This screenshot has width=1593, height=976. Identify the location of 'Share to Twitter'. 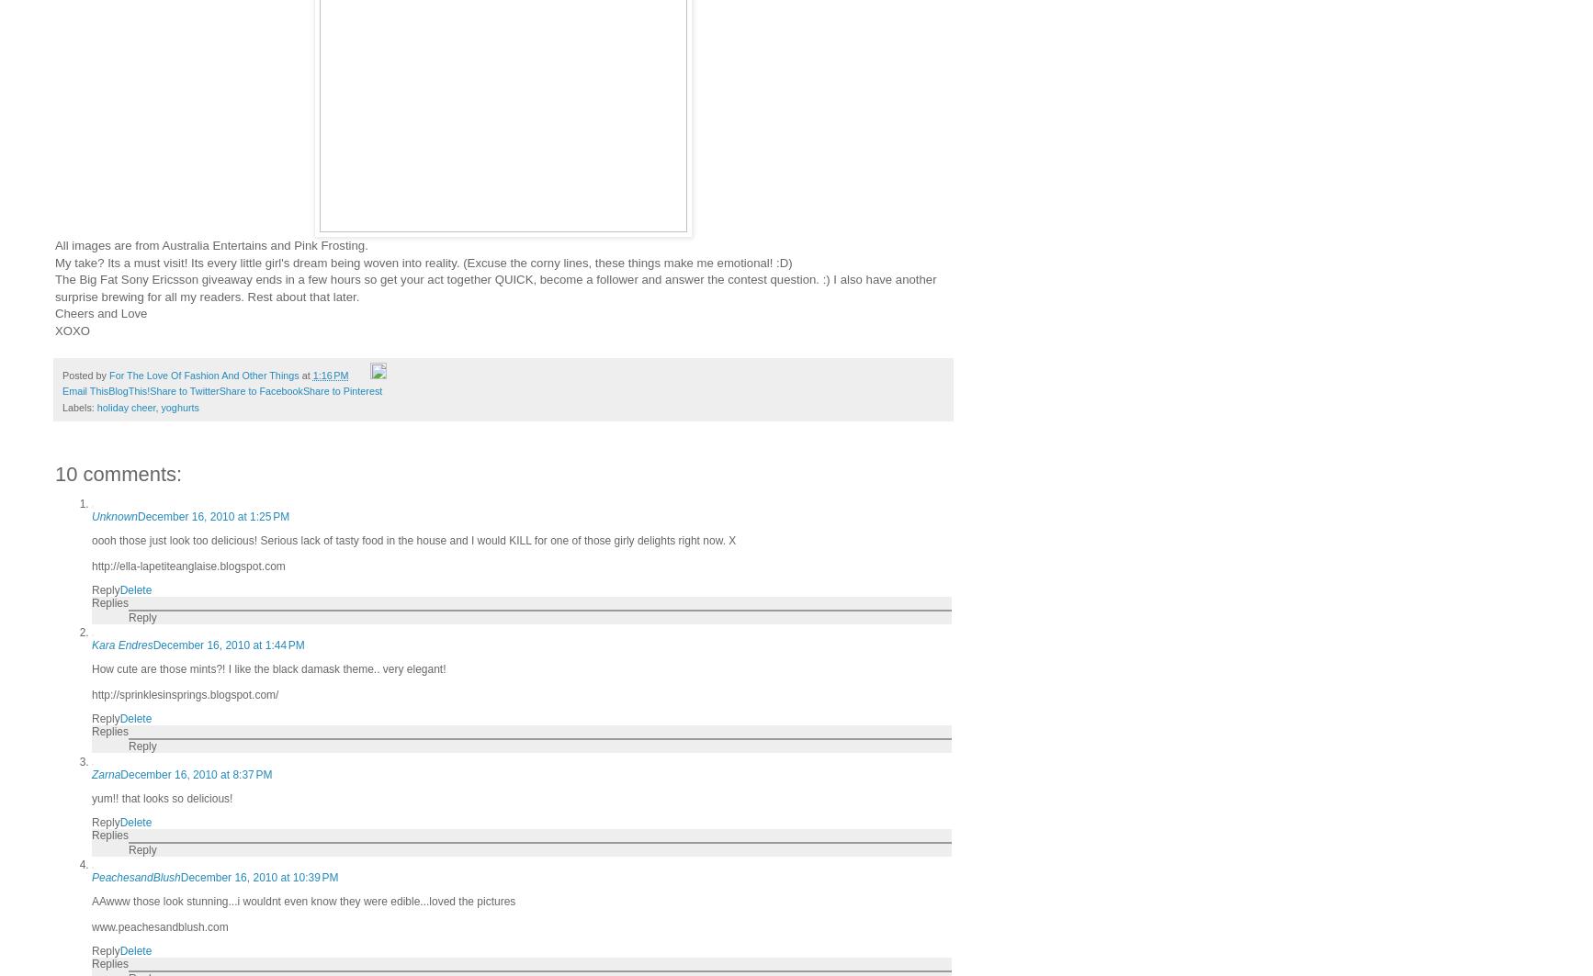
(184, 391).